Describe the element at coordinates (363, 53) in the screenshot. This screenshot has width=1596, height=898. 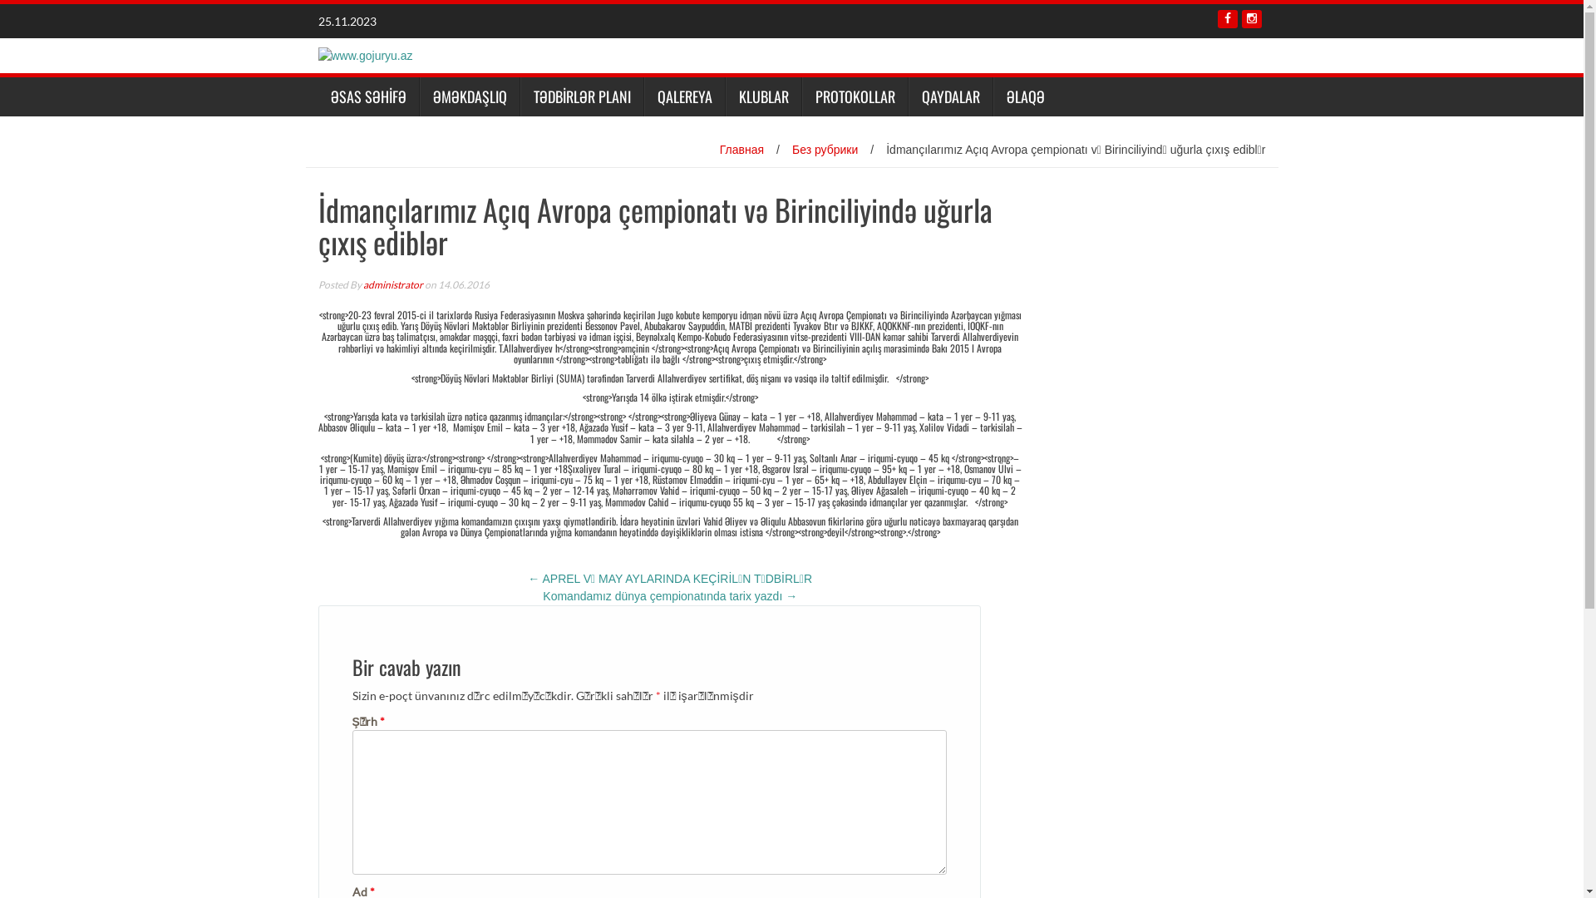
I see `'www.gojuryu.az'` at that location.